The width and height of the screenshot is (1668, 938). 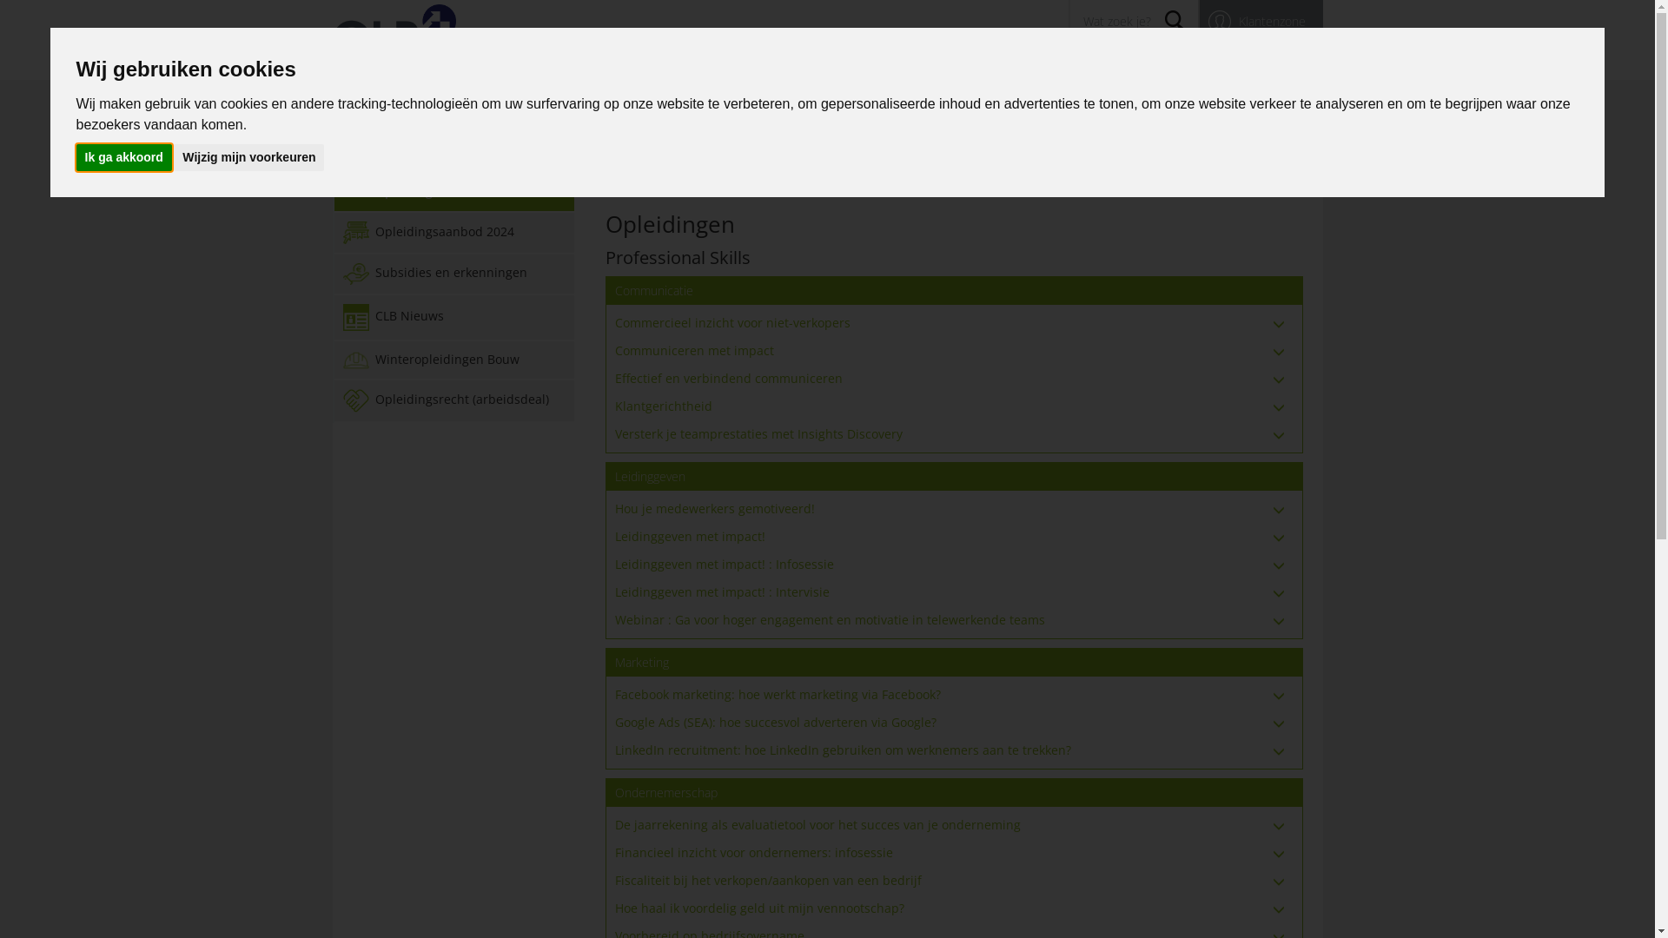 I want to click on 'Ondernemerschap', so click(x=615, y=792).